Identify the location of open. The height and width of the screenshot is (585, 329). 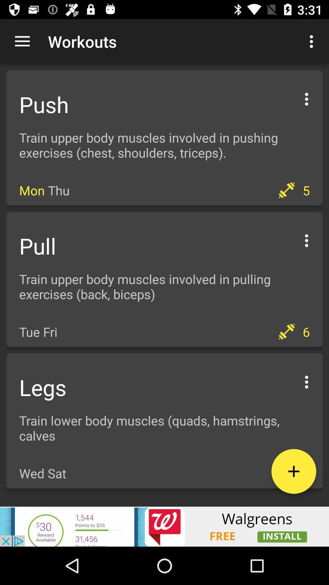
(293, 471).